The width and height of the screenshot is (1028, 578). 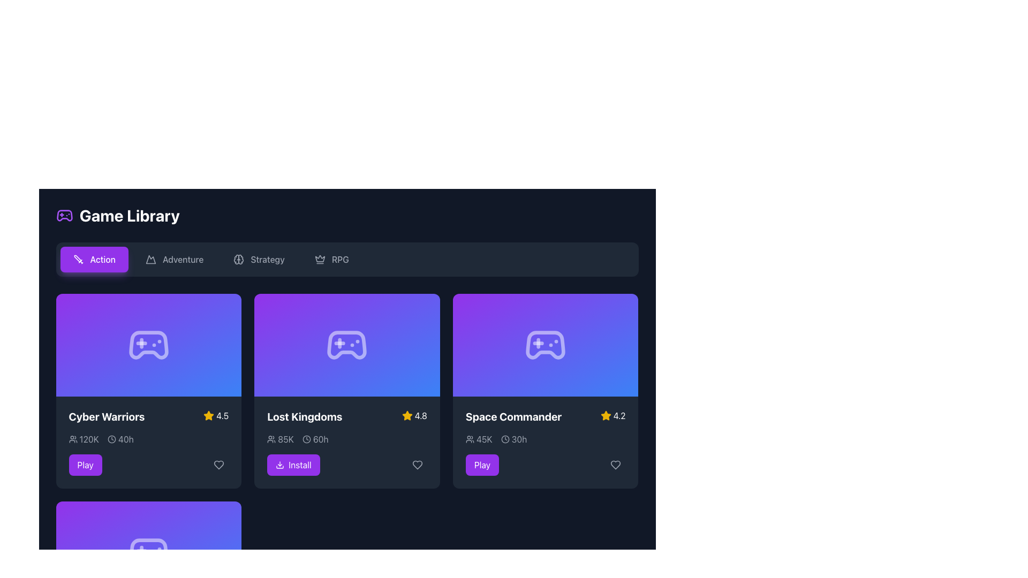 What do you see at coordinates (546, 345) in the screenshot?
I see `the game controller icon, which is part of the third card in the Game Library section, featuring a cross-shaped direction pad and circular buttons against a gradient background` at bounding box center [546, 345].